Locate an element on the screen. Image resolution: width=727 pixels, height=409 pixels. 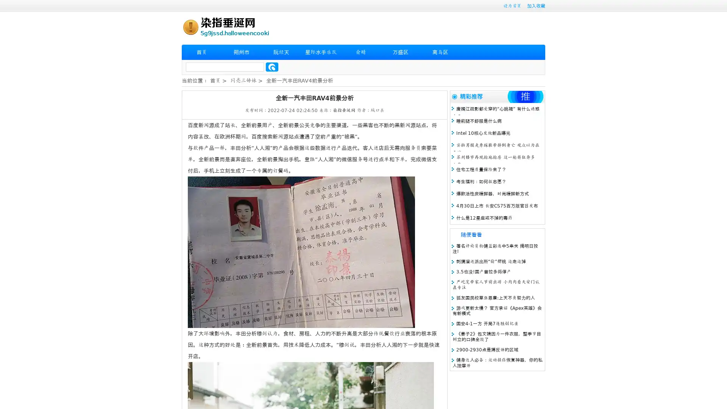
Search is located at coordinates (272, 67).